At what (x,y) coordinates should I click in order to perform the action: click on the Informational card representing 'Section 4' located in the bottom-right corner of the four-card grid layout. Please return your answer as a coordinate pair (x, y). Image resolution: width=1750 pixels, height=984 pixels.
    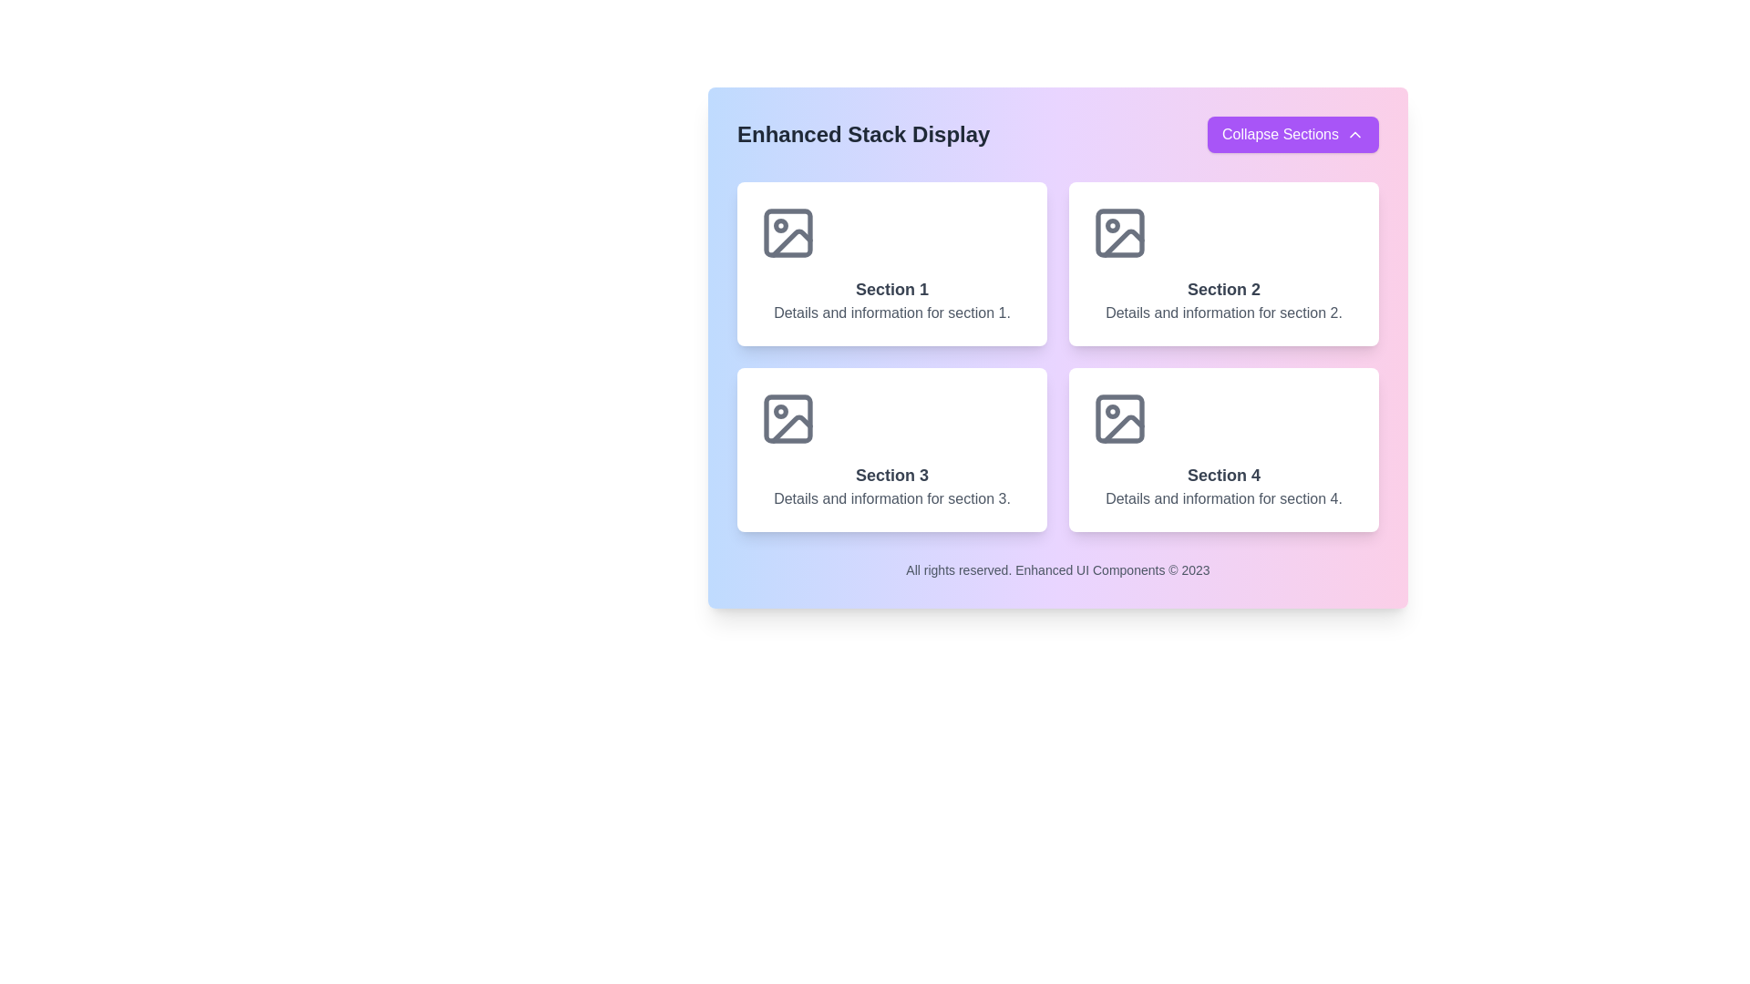
    Looking at the image, I should click on (1224, 449).